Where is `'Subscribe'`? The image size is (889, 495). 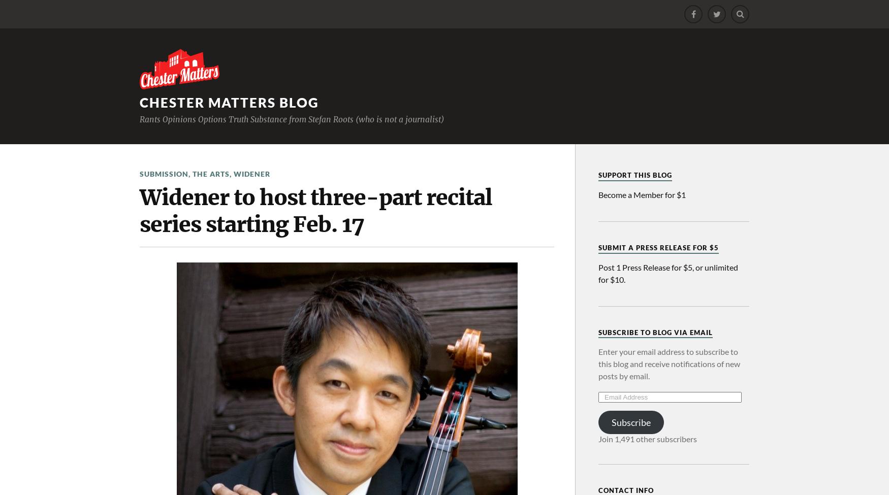 'Subscribe' is located at coordinates (630, 422).